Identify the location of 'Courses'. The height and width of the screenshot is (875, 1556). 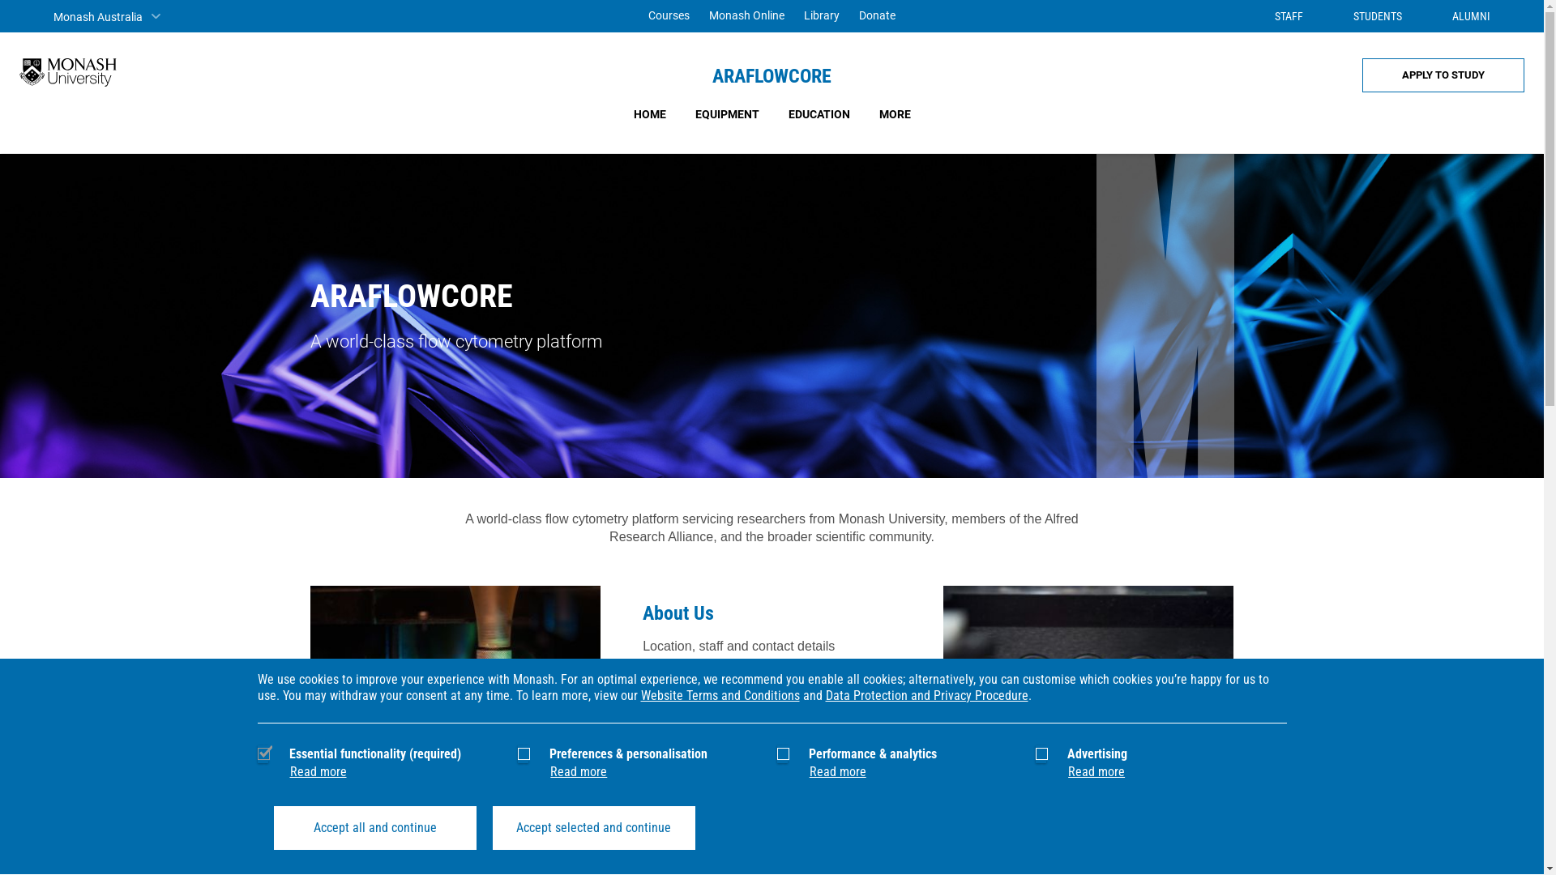
(669, 15).